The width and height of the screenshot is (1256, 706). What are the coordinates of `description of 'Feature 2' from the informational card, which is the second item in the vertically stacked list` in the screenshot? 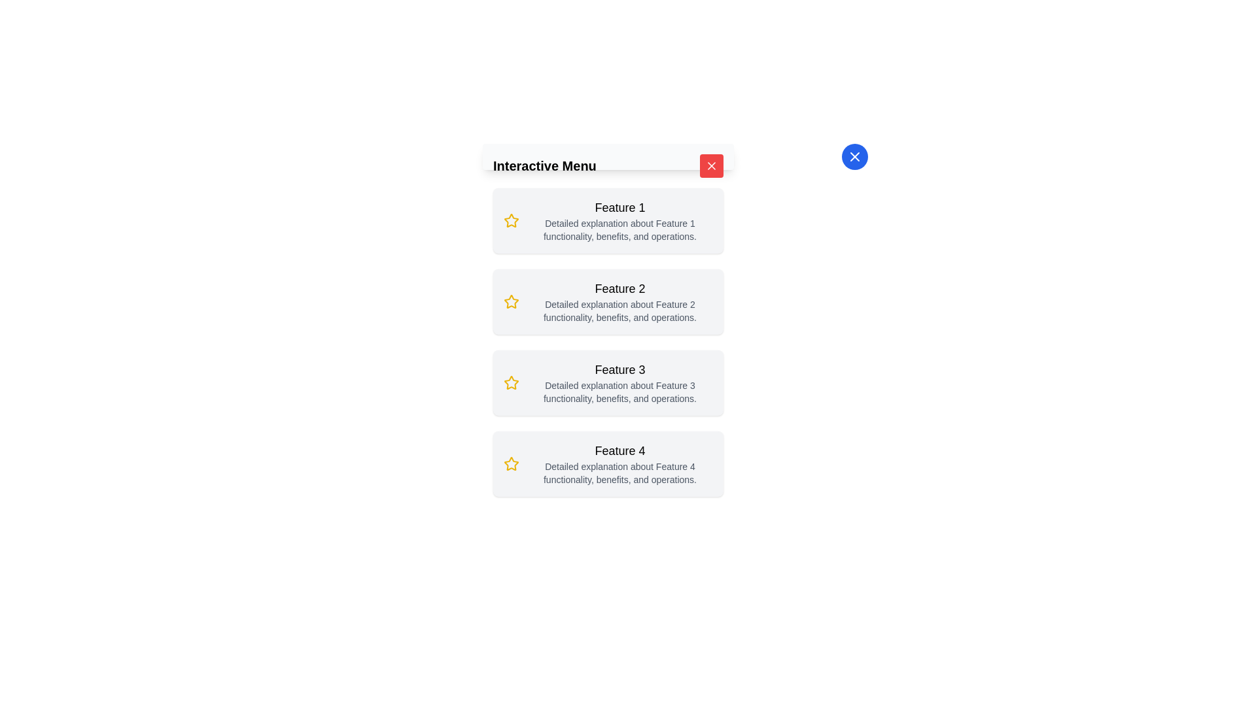 It's located at (608, 302).